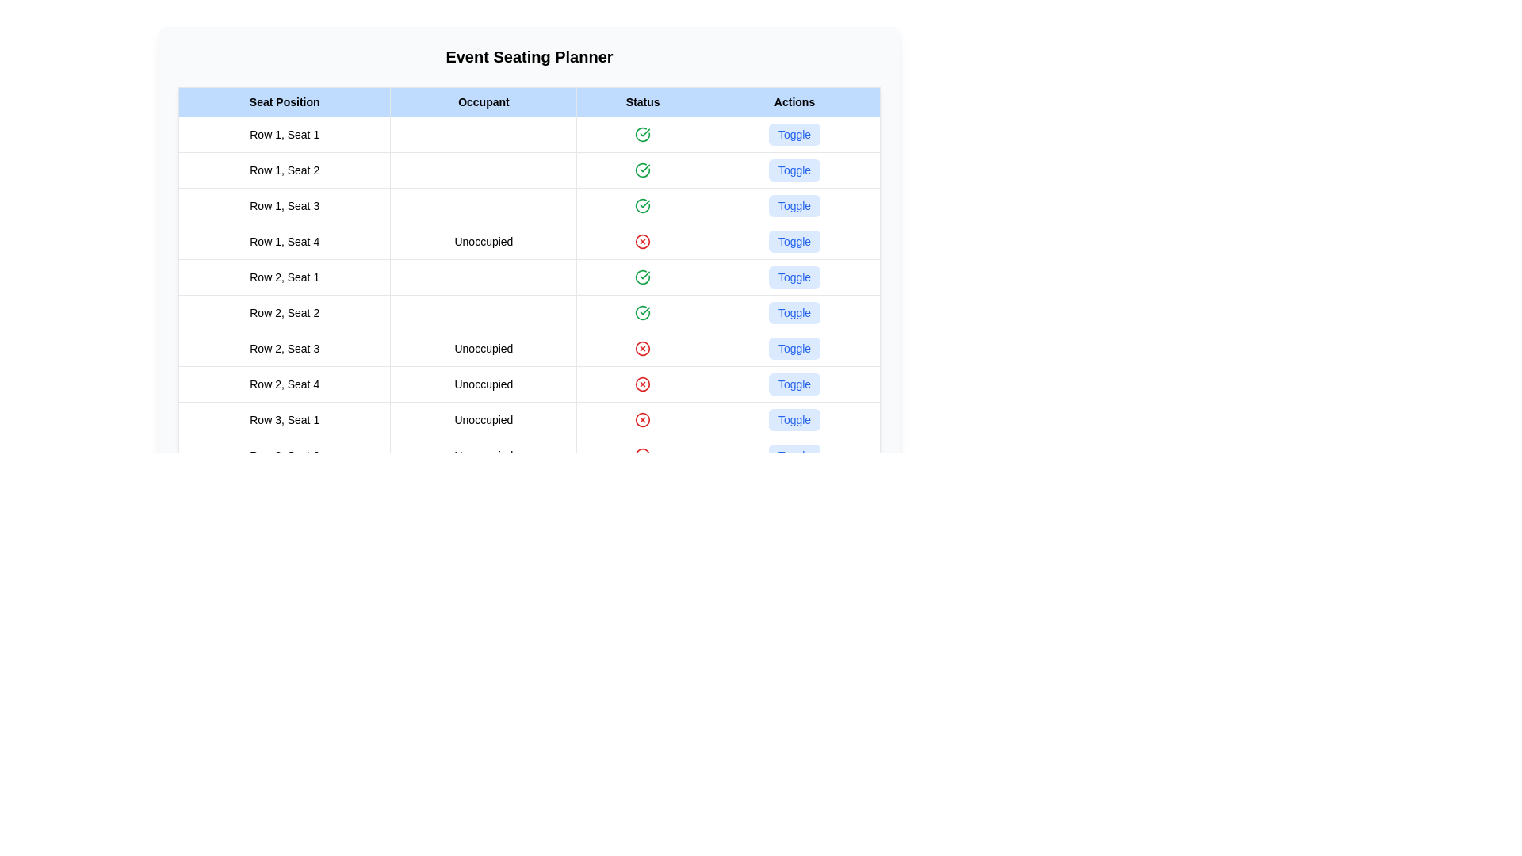 Image resolution: width=1522 pixels, height=856 pixels. I want to click on the fourth seat data row in the table, so click(529, 241).